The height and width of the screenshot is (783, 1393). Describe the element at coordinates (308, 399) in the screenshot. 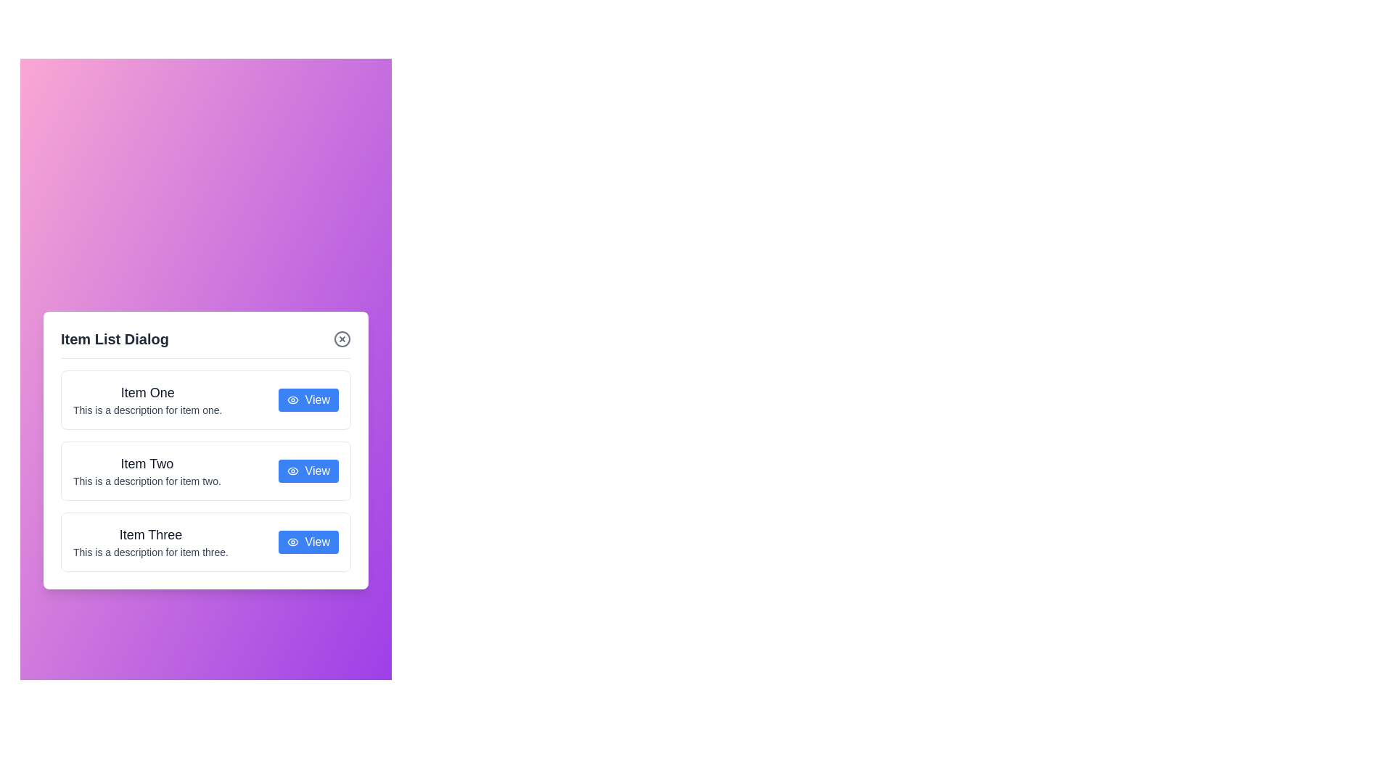

I see `the 'View' button for item Item One` at that location.